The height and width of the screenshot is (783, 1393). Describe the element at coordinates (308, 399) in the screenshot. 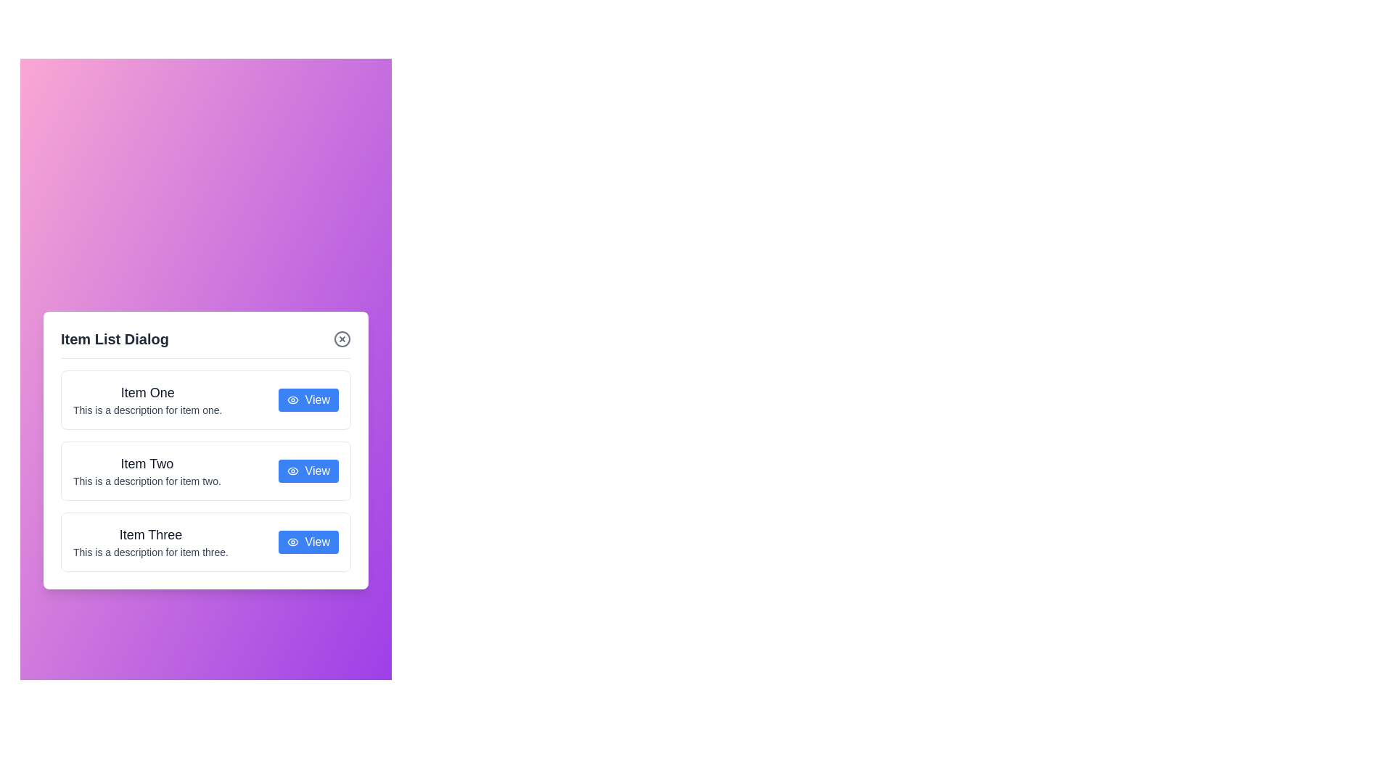

I see `the 'View' button for item Item One` at that location.